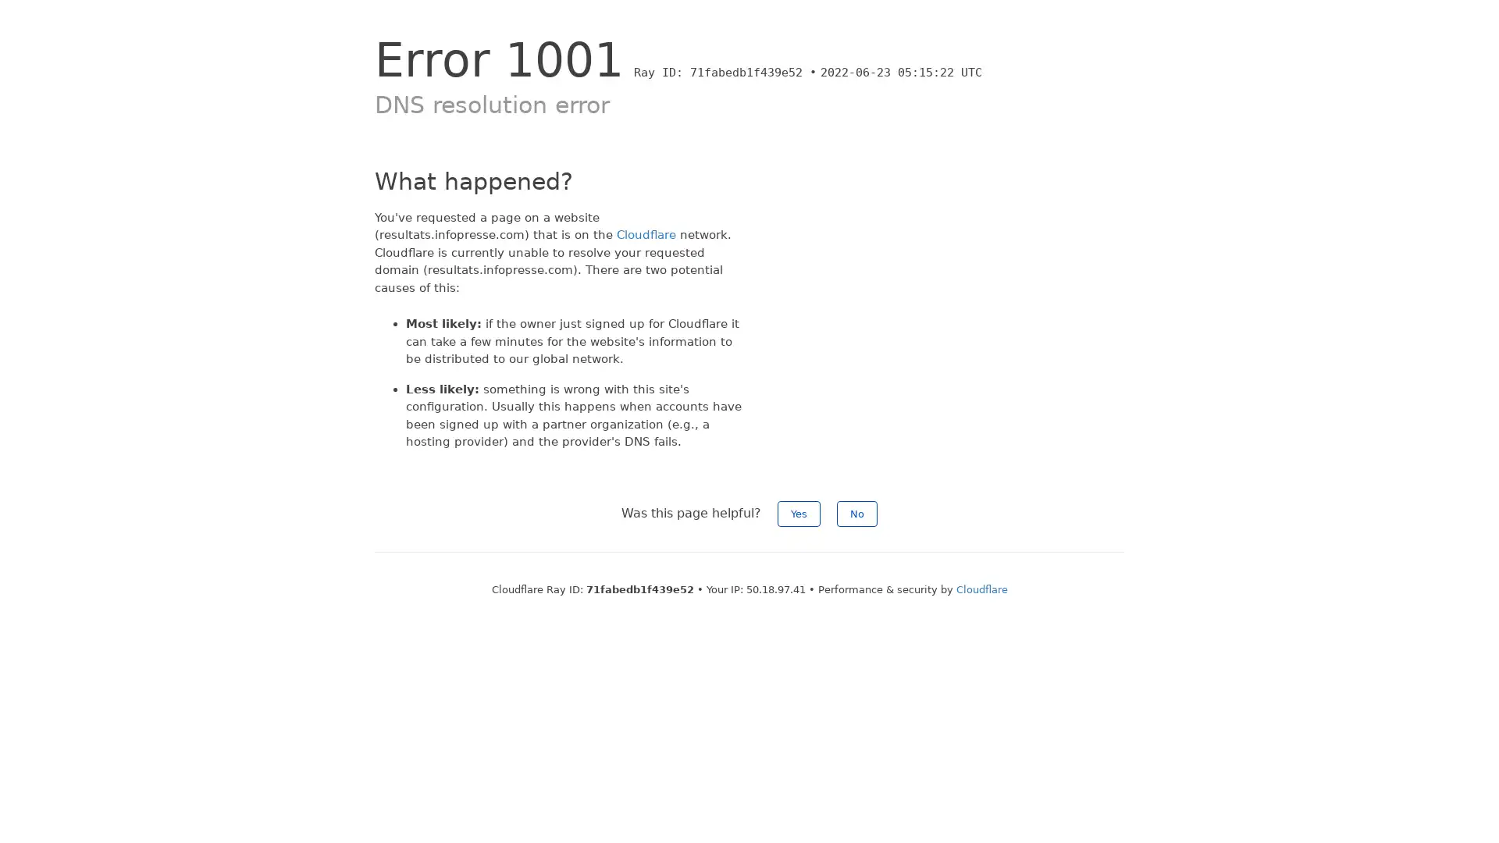 This screenshot has width=1499, height=843. I want to click on No, so click(856, 513).